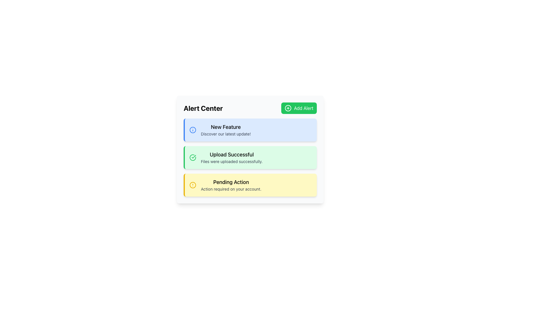 Image resolution: width=551 pixels, height=310 pixels. I want to click on the 'Add Alert' button located at the top-right corner of the right sidebar, so click(288, 108).